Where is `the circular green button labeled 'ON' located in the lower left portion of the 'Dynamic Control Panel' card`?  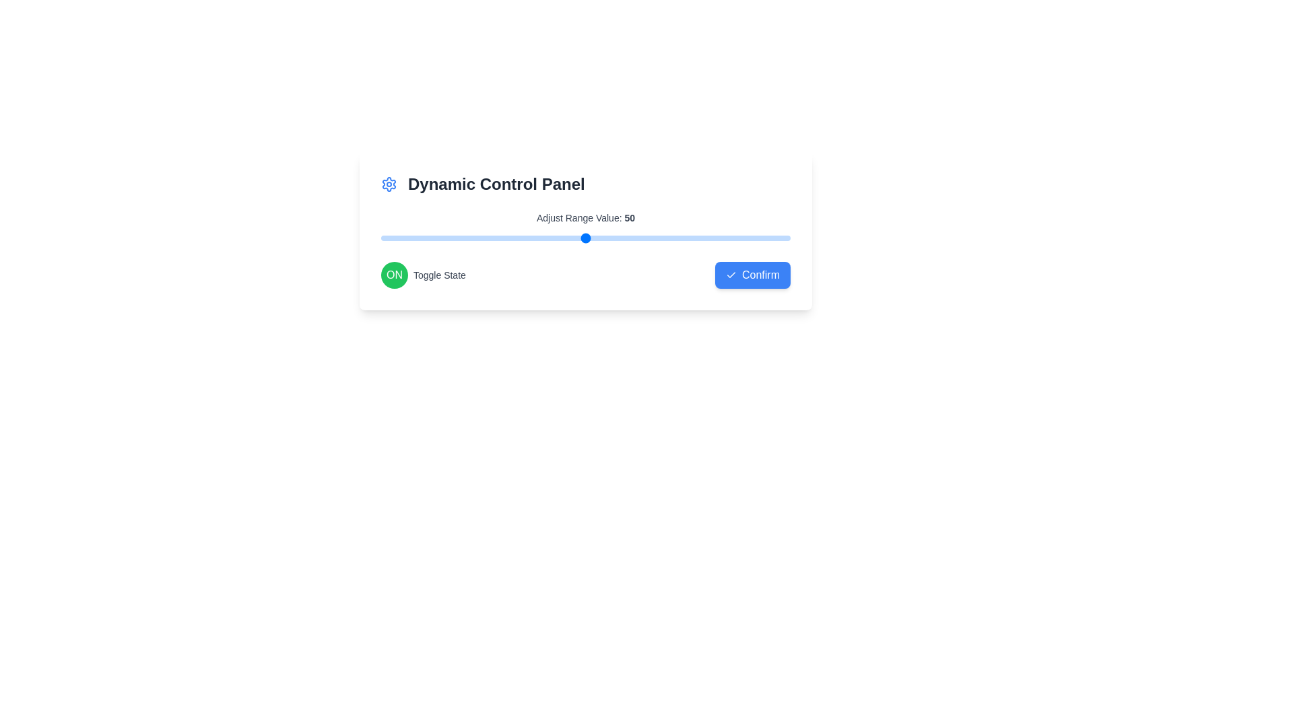 the circular green button labeled 'ON' located in the lower left portion of the 'Dynamic Control Panel' card is located at coordinates (393, 274).